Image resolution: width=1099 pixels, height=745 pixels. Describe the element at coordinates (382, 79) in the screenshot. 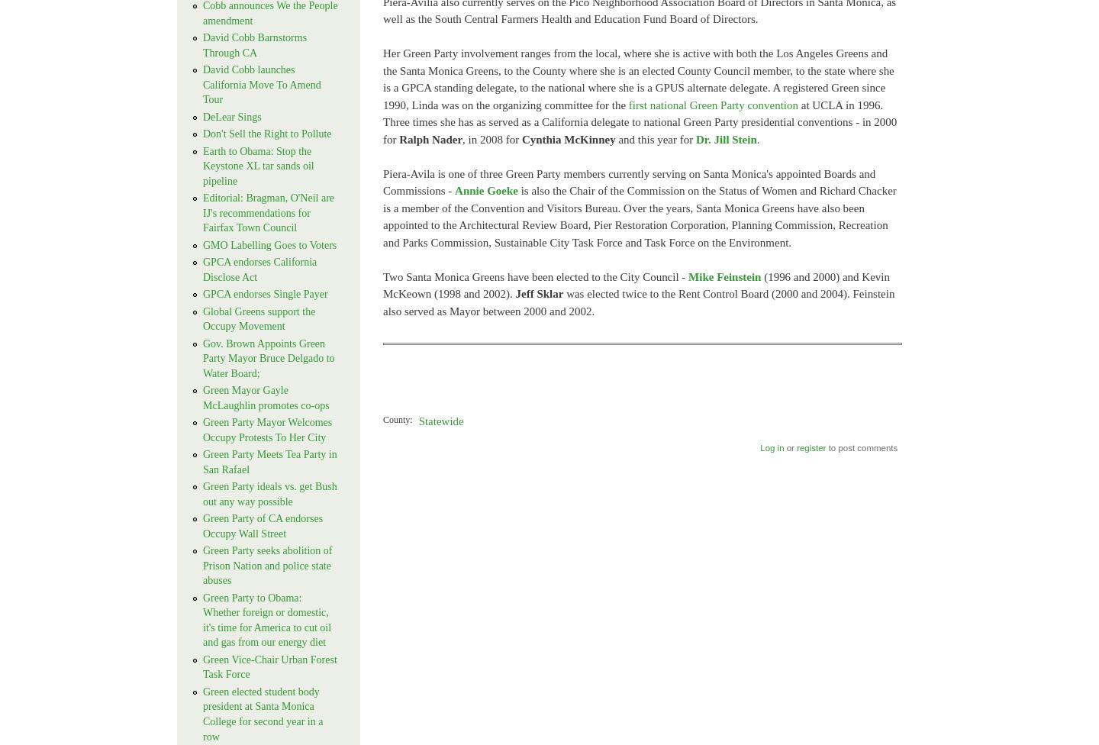

I see `'Her Green Party involvement ranges from the local, where she is active with both the Los Angeles Greens and the Santa Monica Greens, to the County where she is an elected County Council member, to the state where she is a GPCA standing delegate, to the national where she is a GPUS alternate delegate. A registered Green since 1990, Linda was on the organizing committee for the'` at that location.